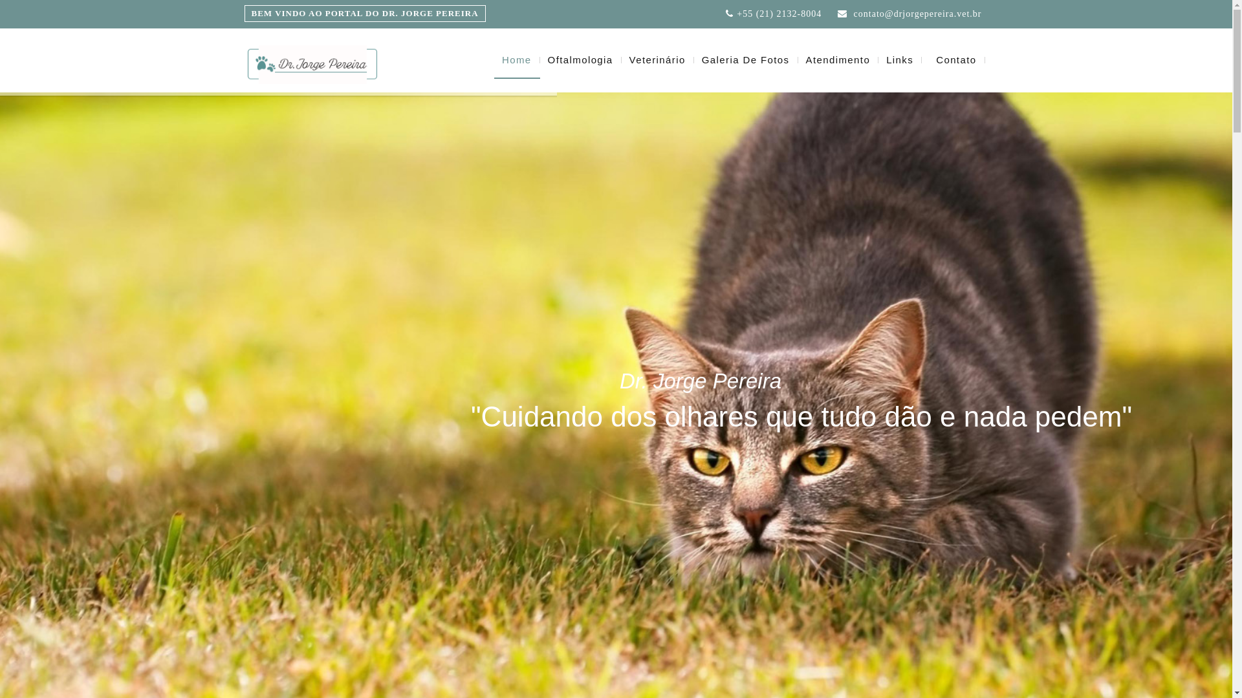 The image size is (1242, 698). I want to click on 'Atendimento', so click(797, 59).